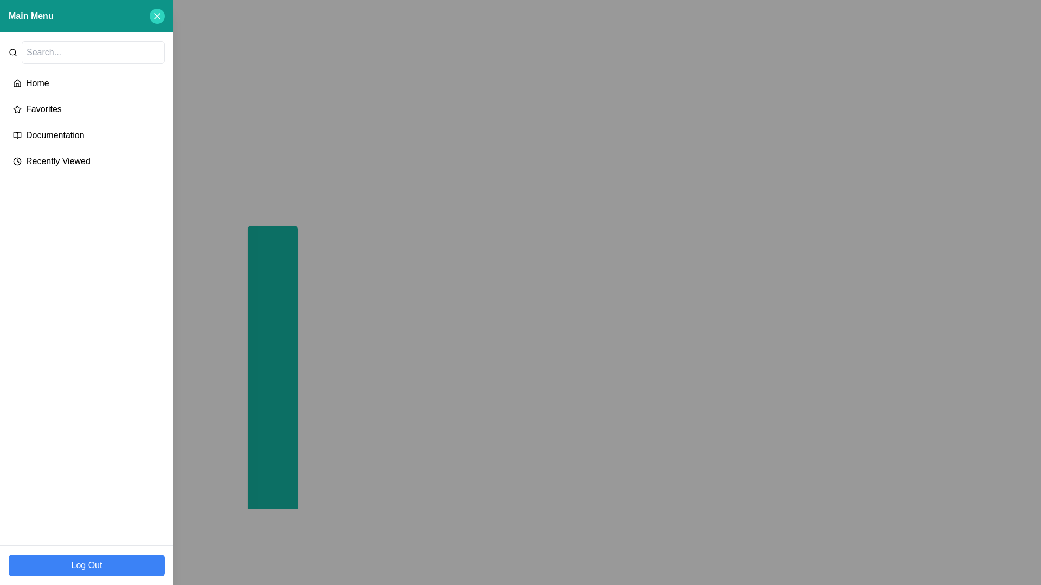  Describe the element at coordinates (156, 16) in the screenshot. I see `the close button located in the header region of the sidebar menu, adjacent to the 'Main Menu' title` at that location.